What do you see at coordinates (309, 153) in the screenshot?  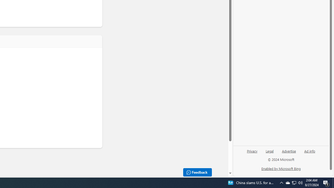 I see `'Ad info'` at bounding box center [309, 153].